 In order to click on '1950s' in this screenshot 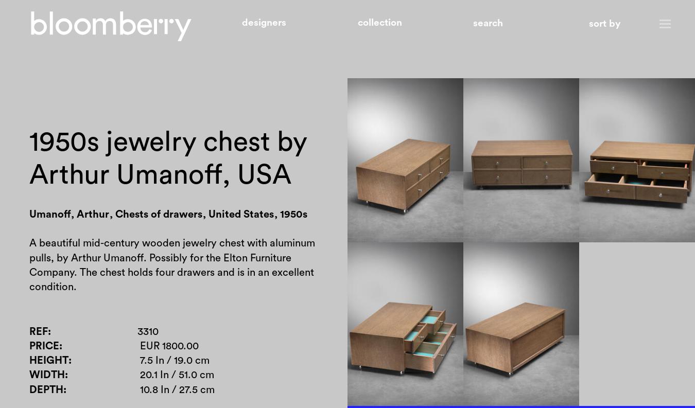, I will do `click(279, 214)`.